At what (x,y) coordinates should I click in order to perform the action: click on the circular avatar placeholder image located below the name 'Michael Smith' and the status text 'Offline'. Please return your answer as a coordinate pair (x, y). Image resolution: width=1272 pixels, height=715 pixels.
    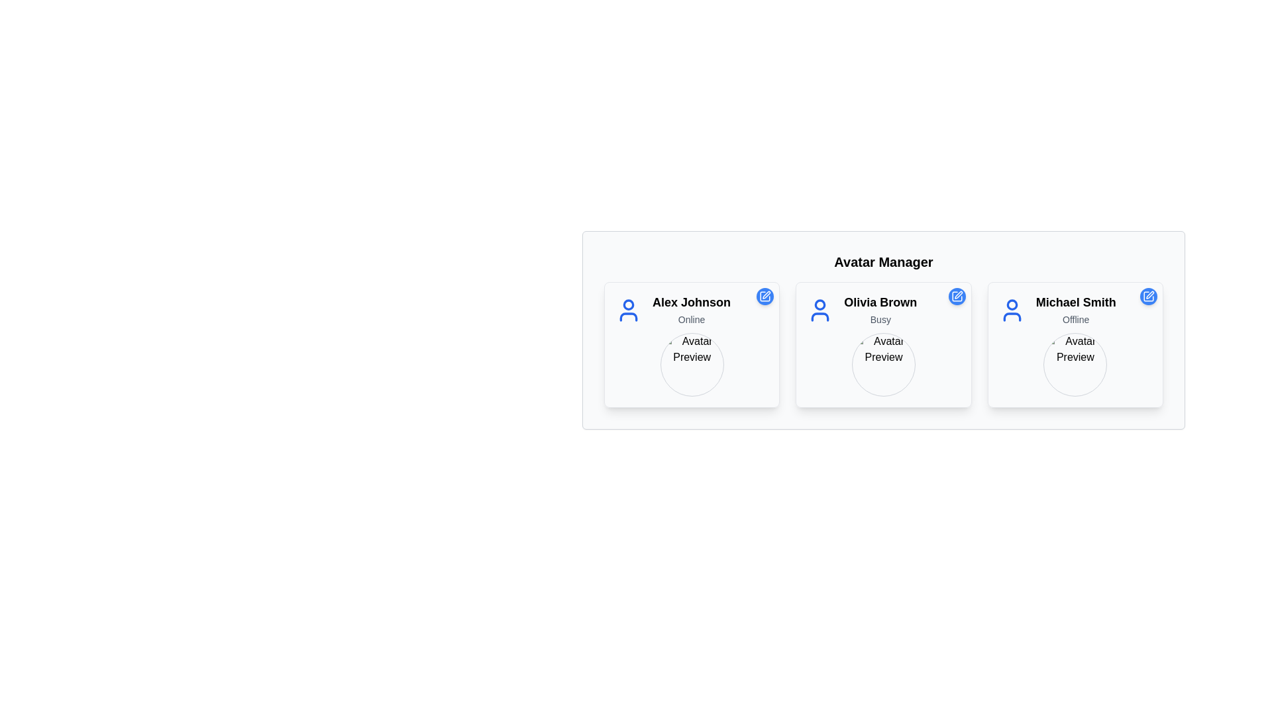
    Looking at the image, I should click on (1075, 365).